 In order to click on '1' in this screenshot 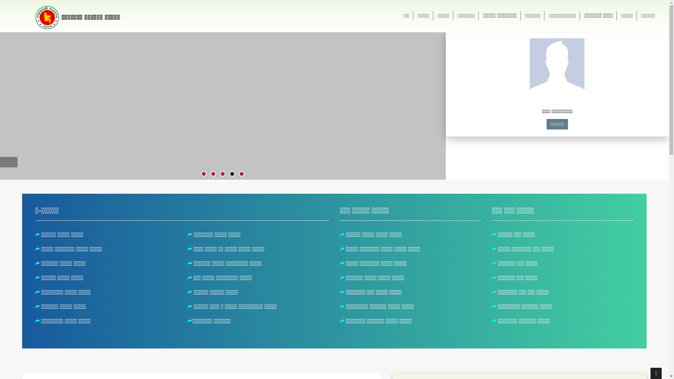, I will do `click(203, 174)`.